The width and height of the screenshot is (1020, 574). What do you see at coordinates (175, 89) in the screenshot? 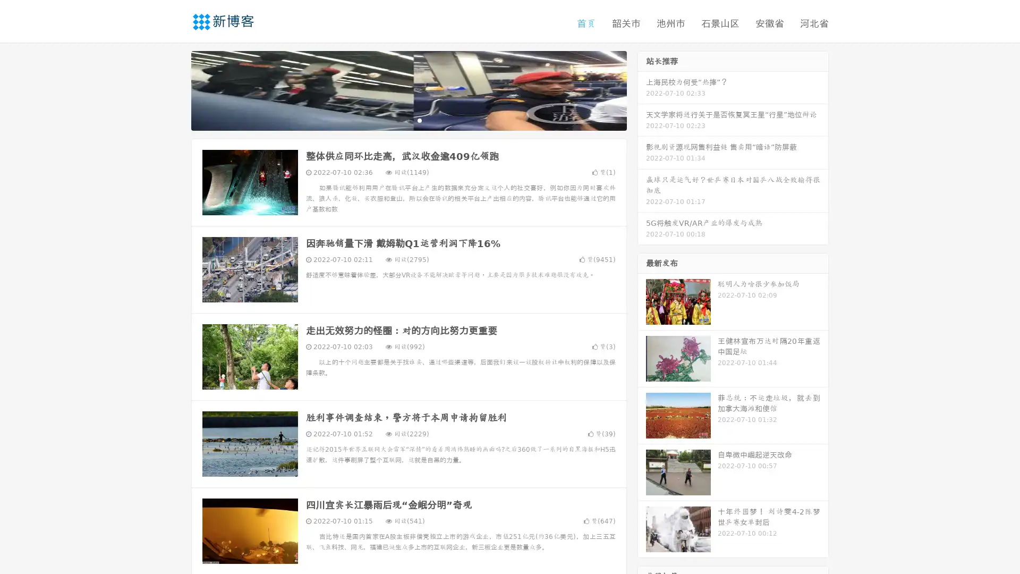
I see `Previous slide` at bounding box center [175, 89].